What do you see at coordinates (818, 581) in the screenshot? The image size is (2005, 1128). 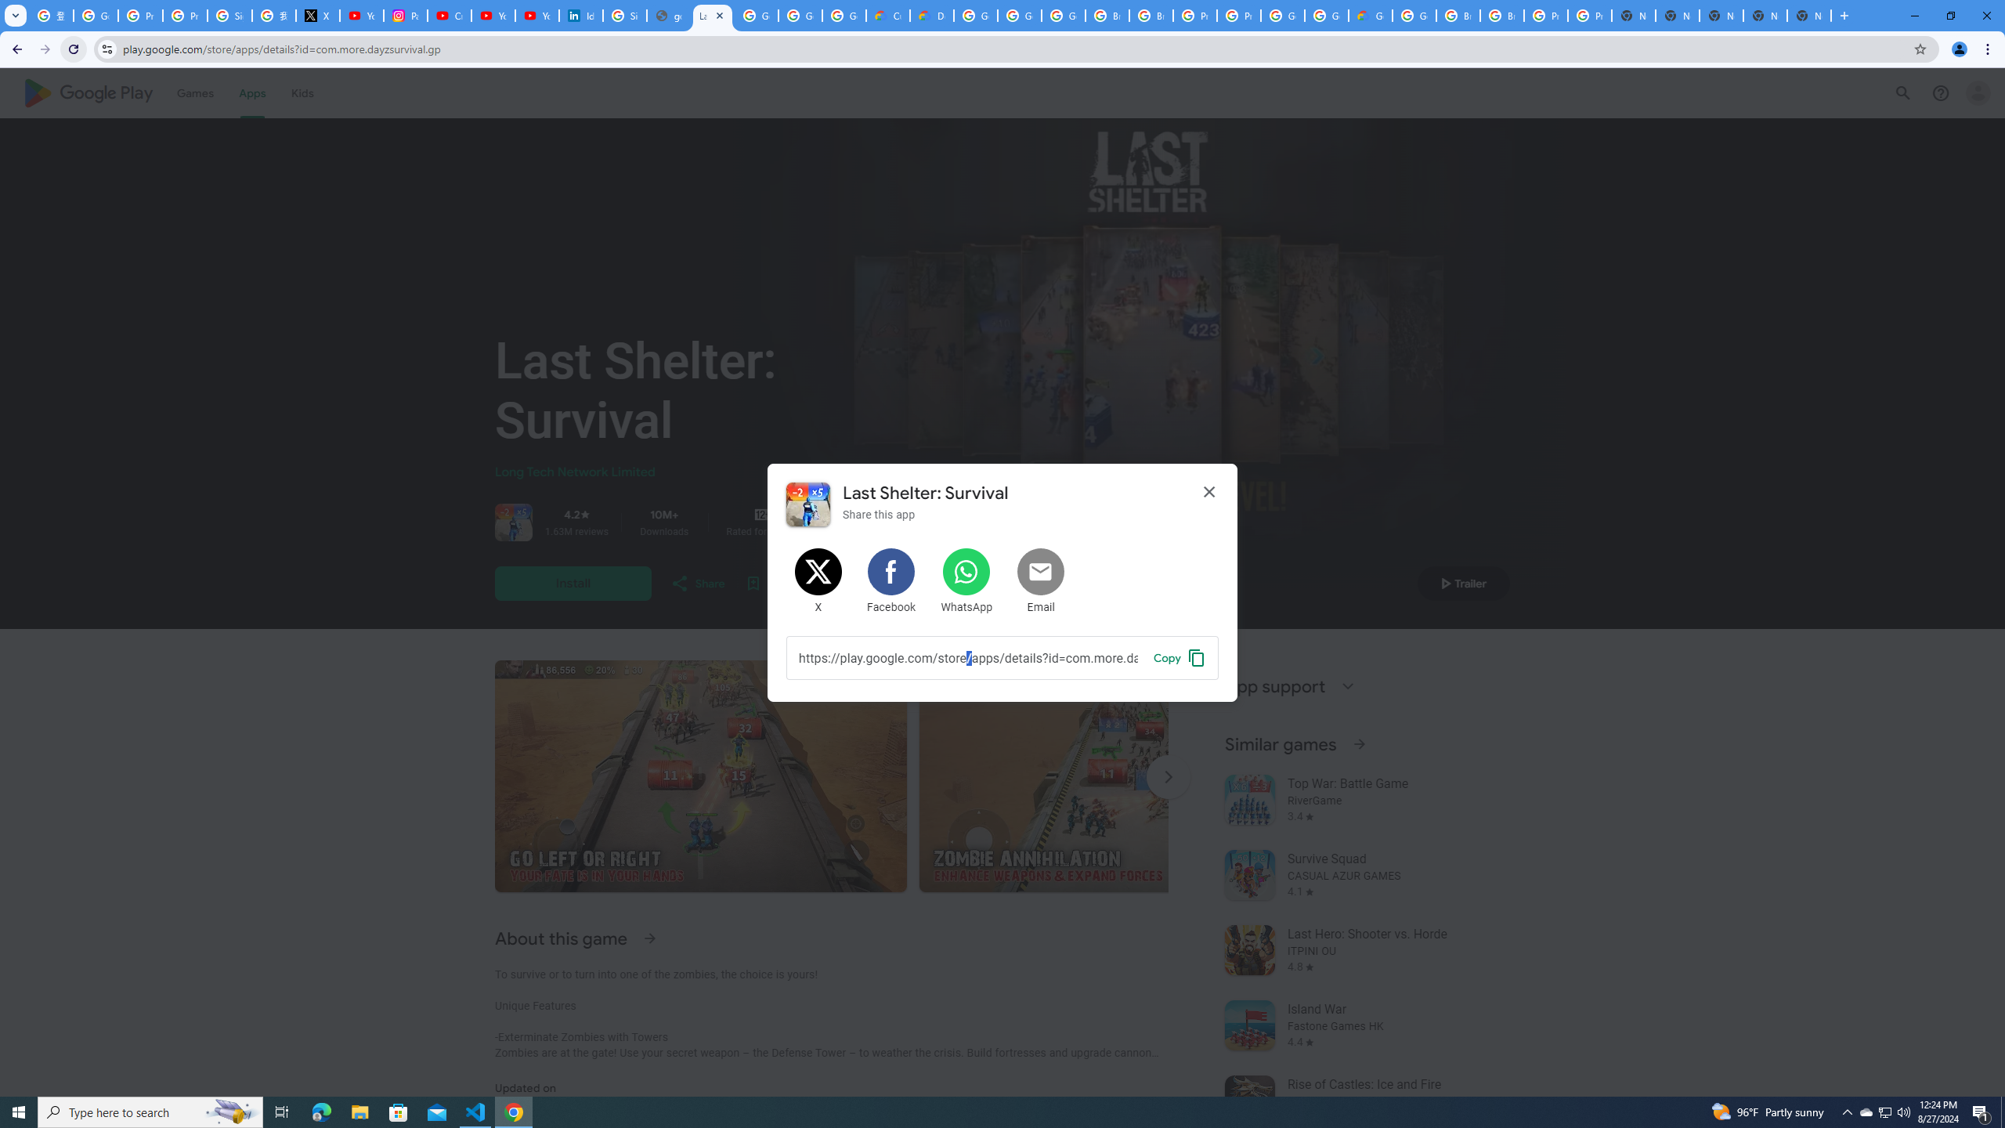 I see `'Share on X (formerly Twitter)'` at bounding box center [818, 581].